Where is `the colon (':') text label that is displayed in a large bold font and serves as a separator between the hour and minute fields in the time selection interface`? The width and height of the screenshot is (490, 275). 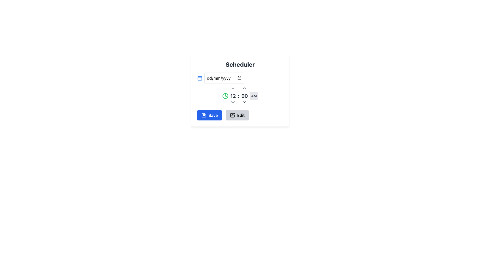
the colon (':') text label that is displayed in a large bold font and serves as a separator between the hour and minute fields in the time selection interface is located at coordinates (238, 96).